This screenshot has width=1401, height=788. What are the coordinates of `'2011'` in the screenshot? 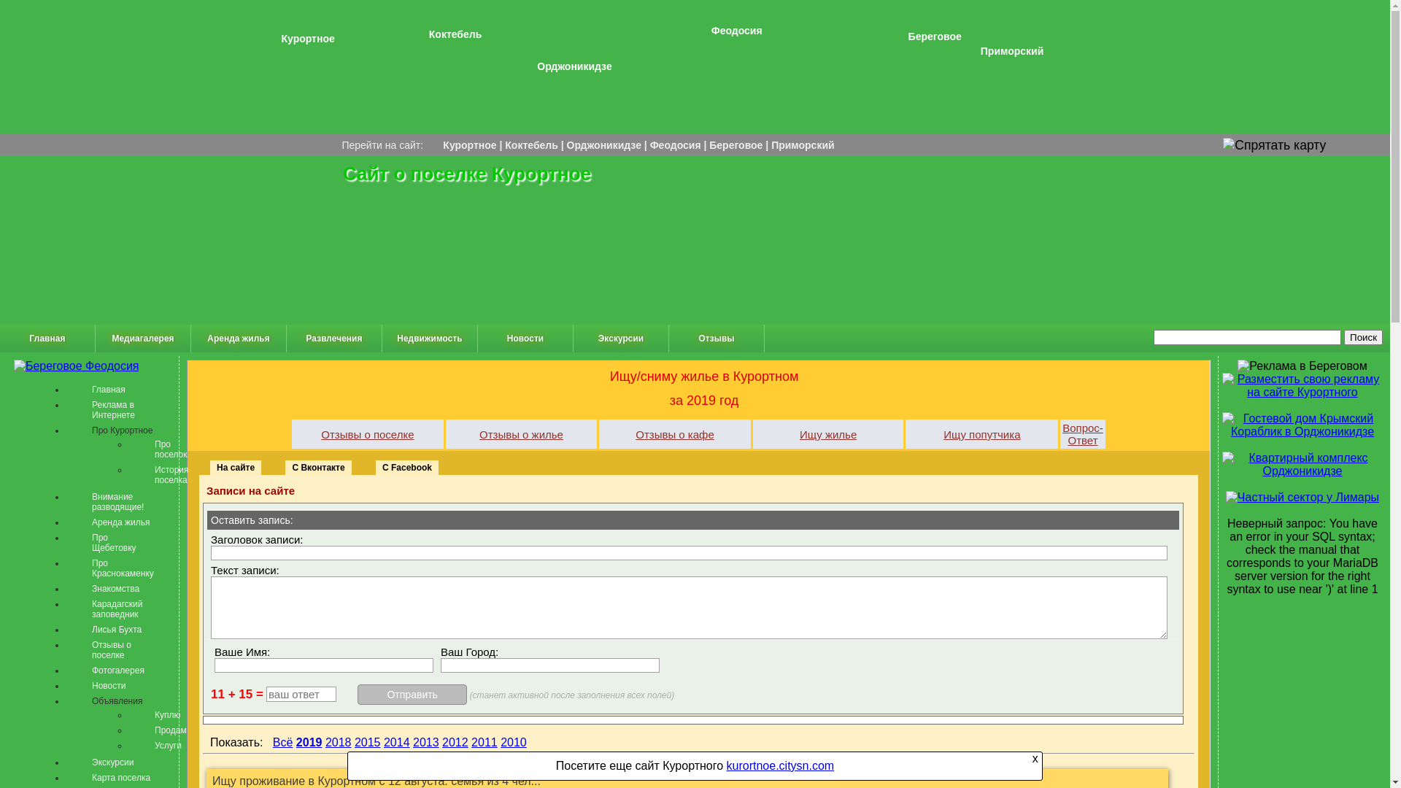 It's located at (484, 742).